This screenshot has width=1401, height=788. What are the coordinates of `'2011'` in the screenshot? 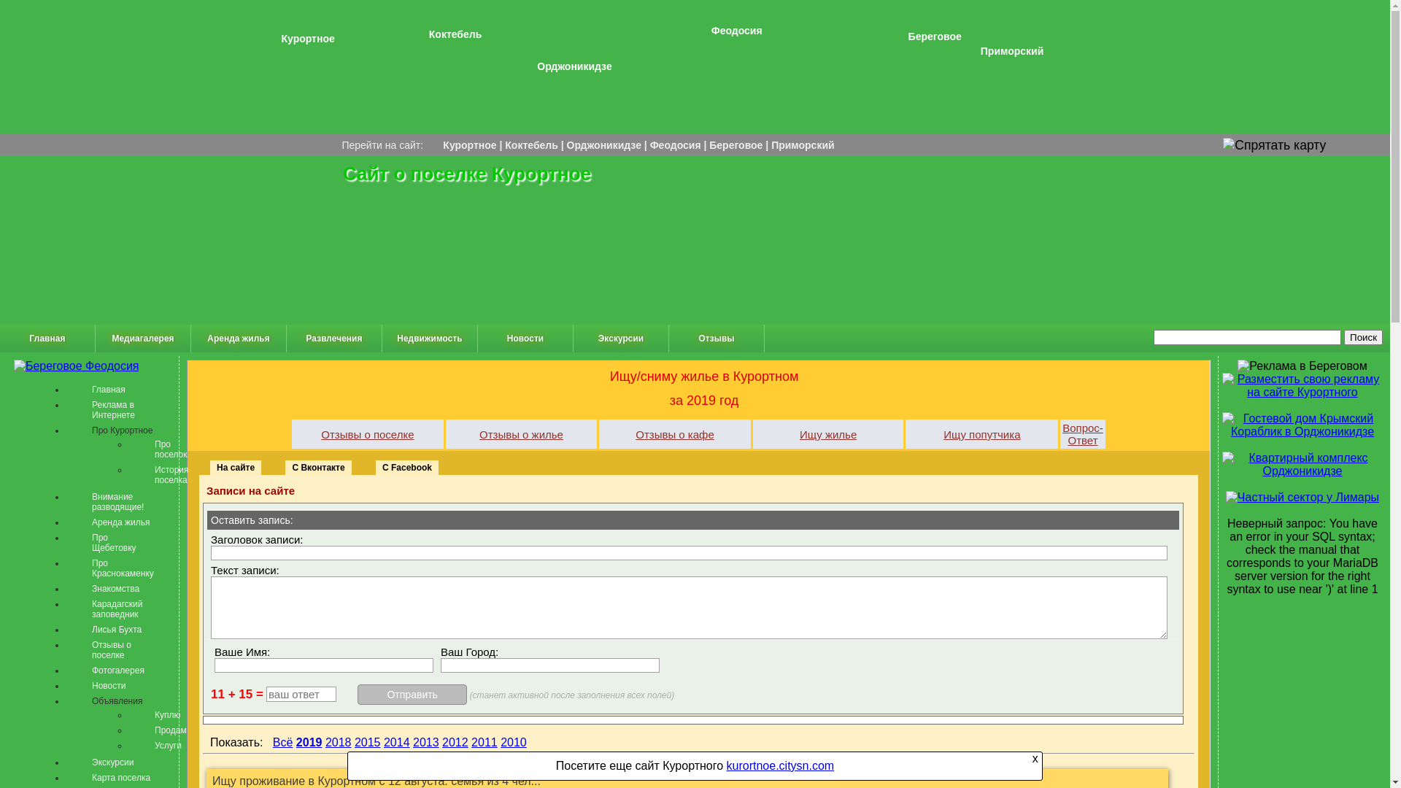 It's located at (484, 742).